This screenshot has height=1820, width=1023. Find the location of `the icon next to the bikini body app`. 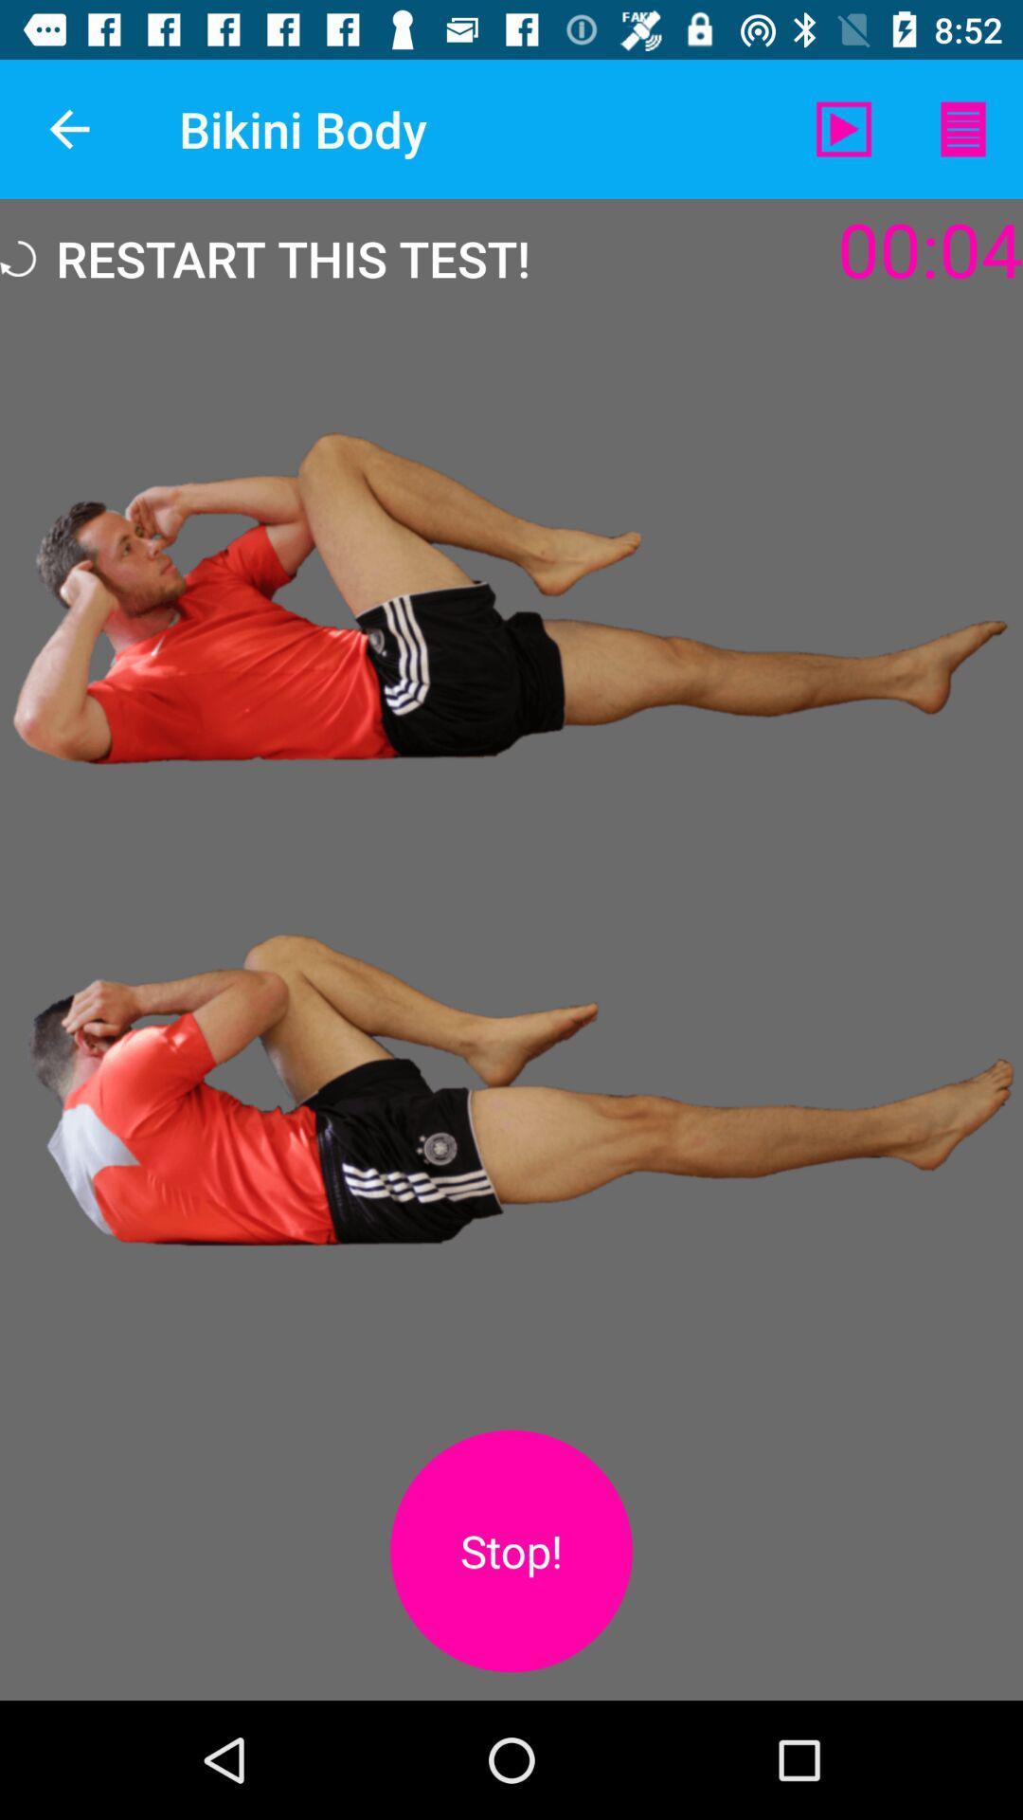

the icon next to the bikini body app is located at coordinates (68, 128).